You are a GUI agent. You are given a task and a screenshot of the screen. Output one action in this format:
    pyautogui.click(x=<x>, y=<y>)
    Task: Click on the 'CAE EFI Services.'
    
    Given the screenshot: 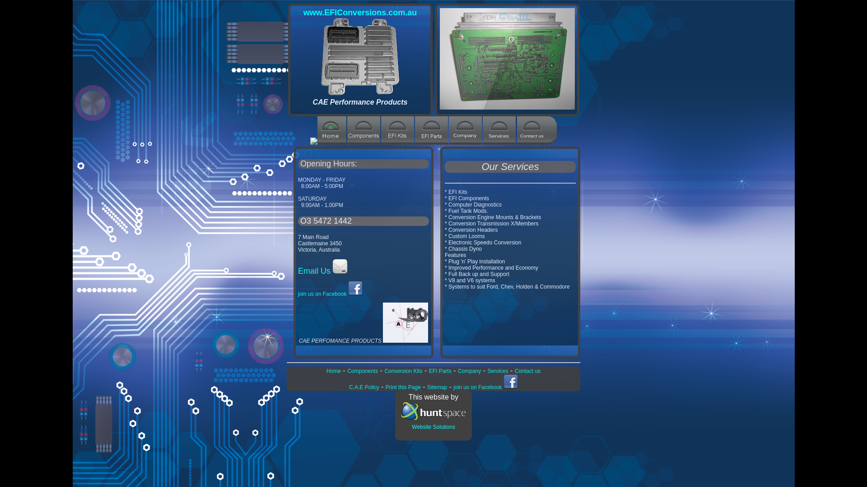 What is the action you would take?
    pyautogui.click(x=499, y=142)
    